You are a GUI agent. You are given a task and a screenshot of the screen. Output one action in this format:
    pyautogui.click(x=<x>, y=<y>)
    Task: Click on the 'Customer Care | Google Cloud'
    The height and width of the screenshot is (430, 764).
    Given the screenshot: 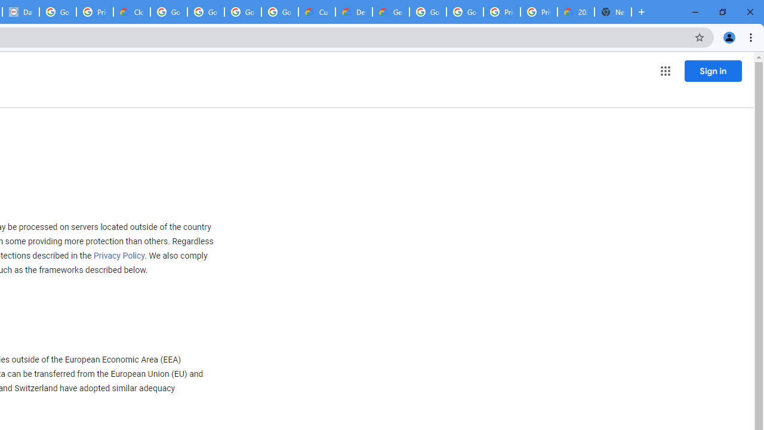 What is the action you would take?
    pyautogui.click(x=317, y=12)
    